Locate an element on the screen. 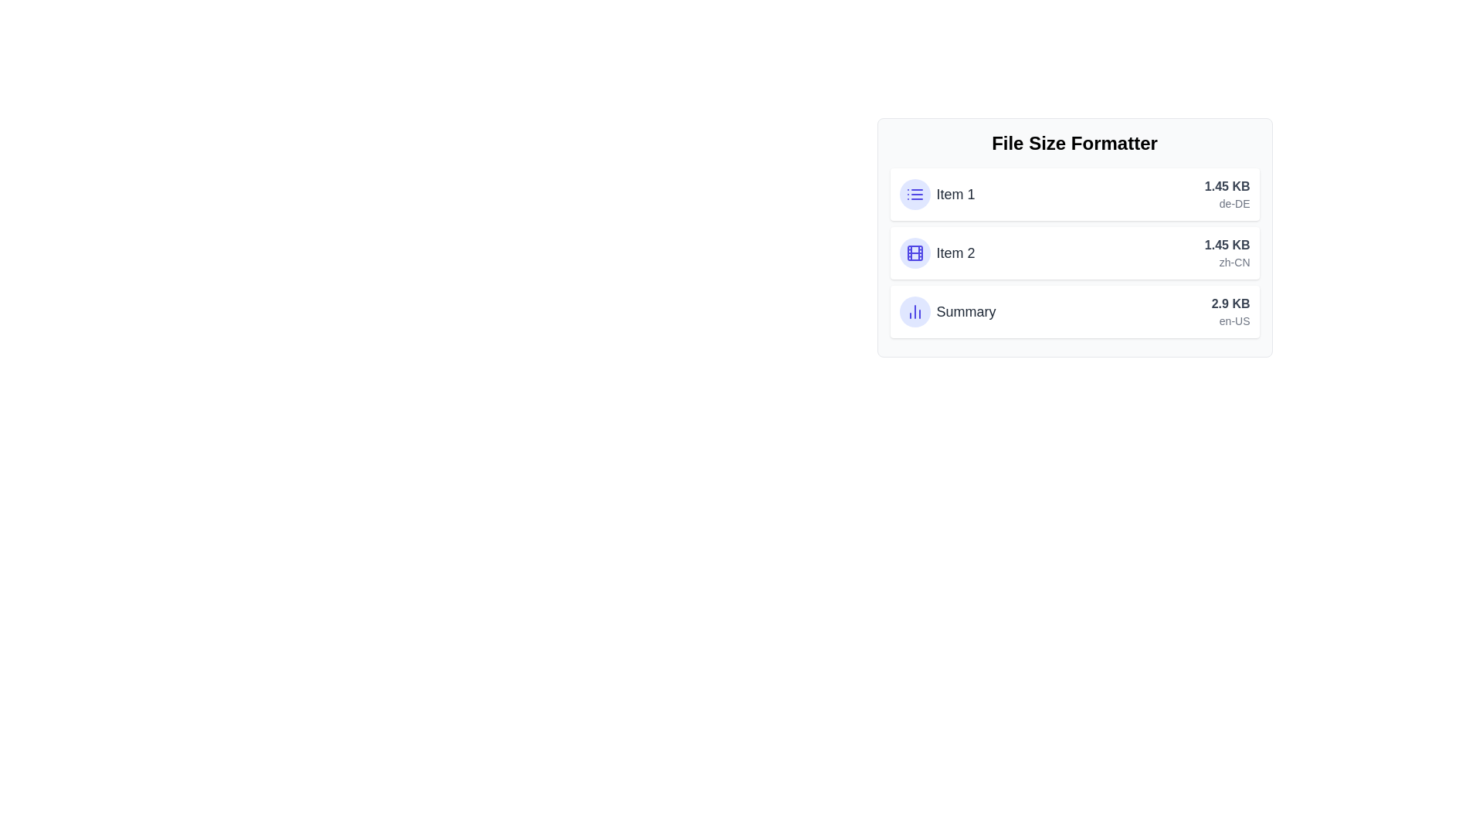 Image resolution: width=1483 pixels, height=834 pixels. the indigo-colored list icon, which is styled as three horizontal lines with small dots next to them, located at the top-left of the icons column preceding 'Item 1' is located at coordinates (915, 193).